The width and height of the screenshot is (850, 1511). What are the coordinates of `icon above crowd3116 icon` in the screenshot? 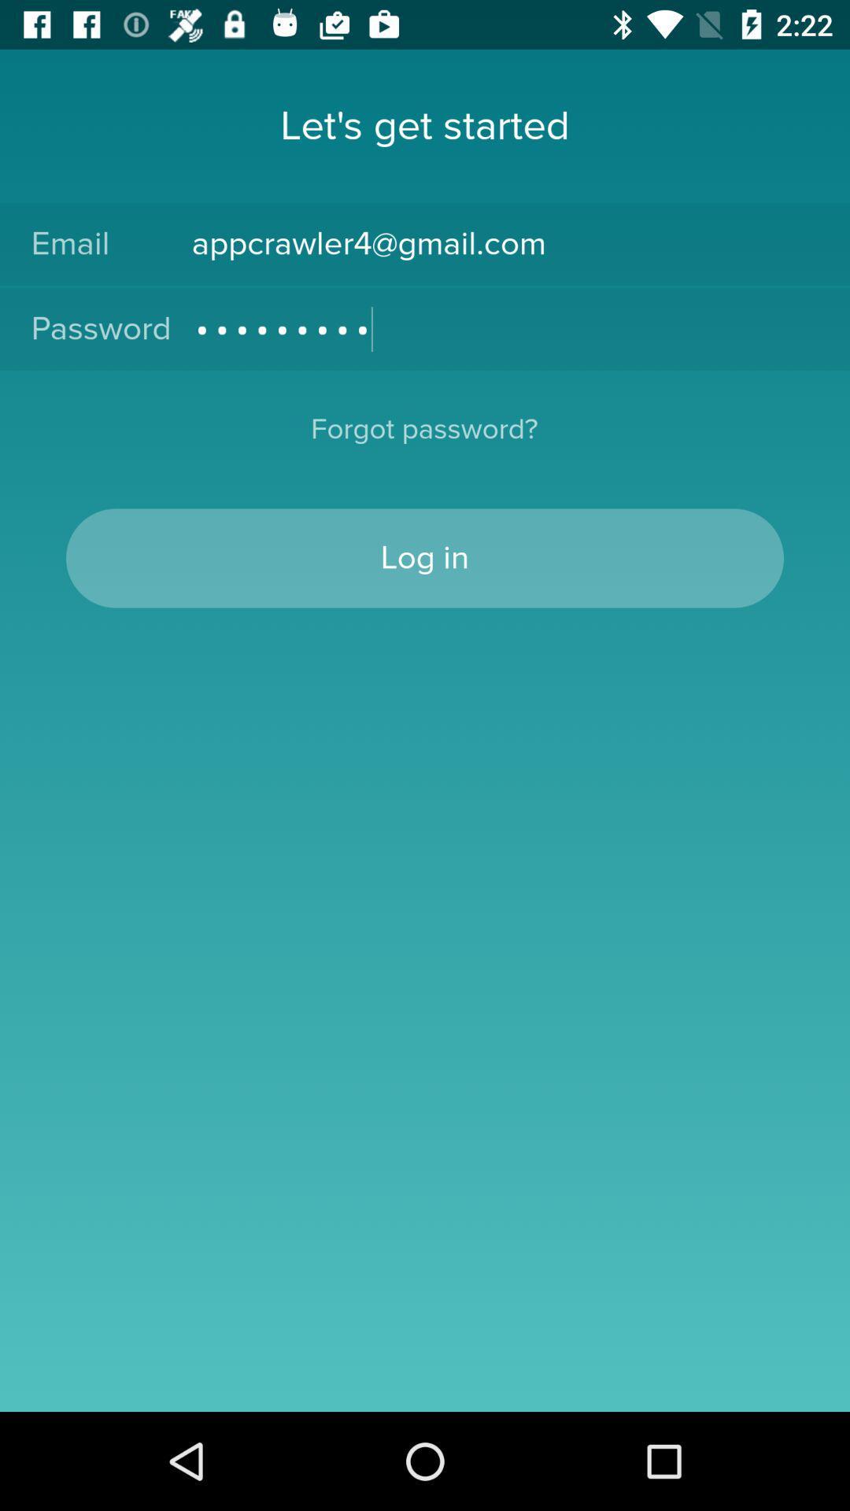 It's located at (504, 243).